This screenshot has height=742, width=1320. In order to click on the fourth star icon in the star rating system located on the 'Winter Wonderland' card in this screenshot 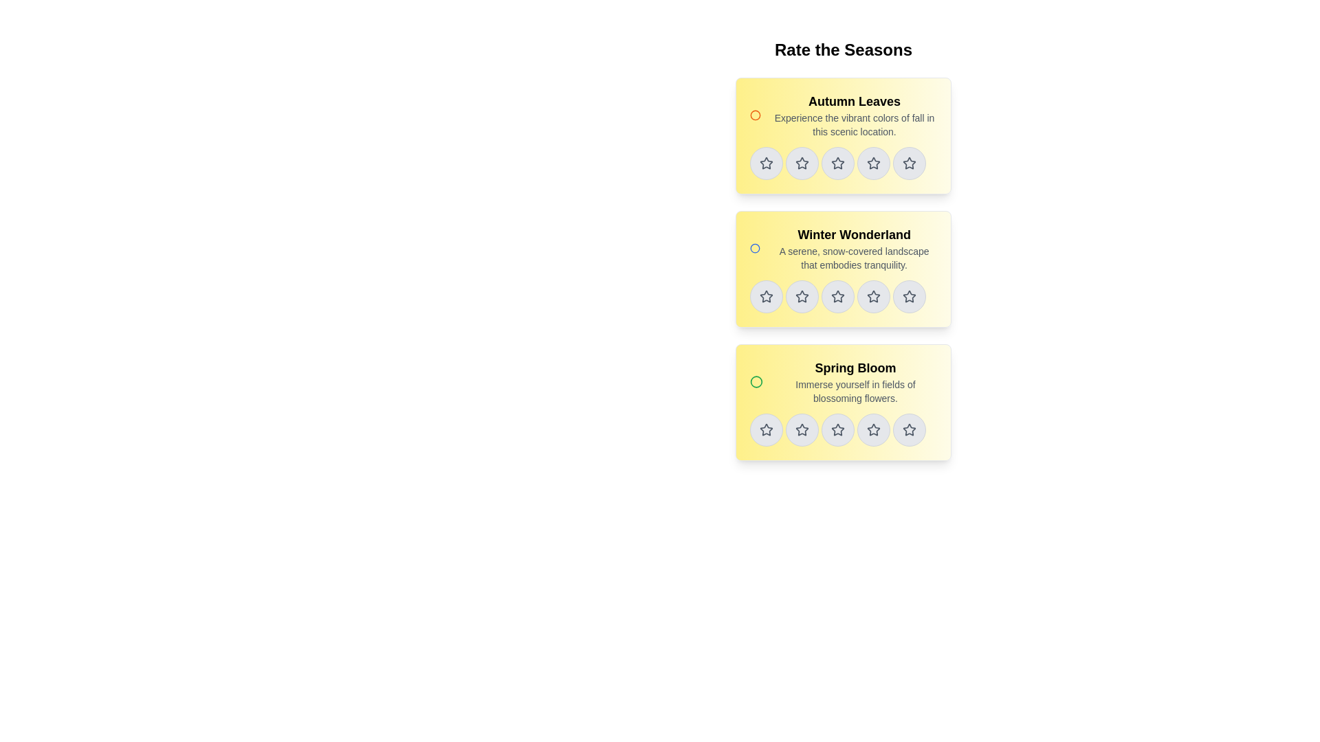, I will do `click(837, 295)`.